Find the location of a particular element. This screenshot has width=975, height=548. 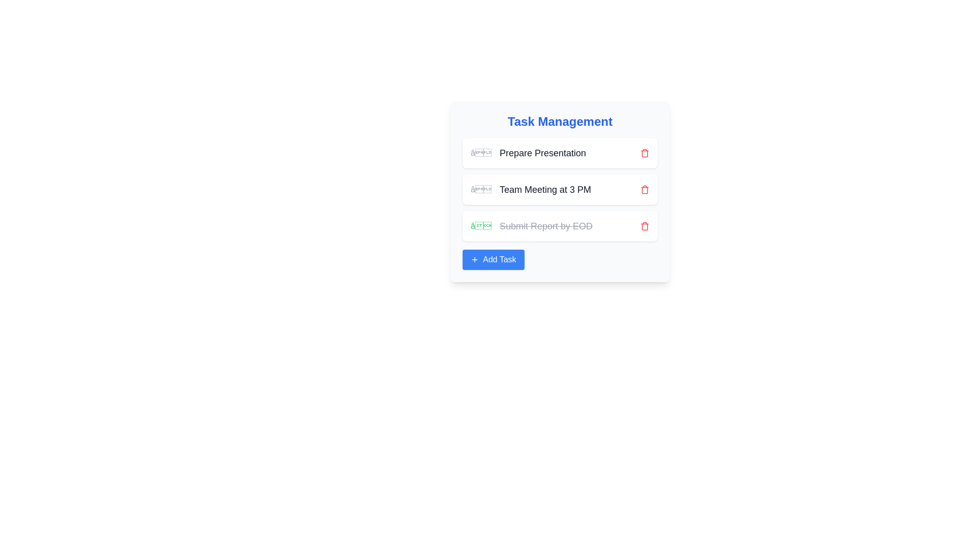

the text label that displays the title of the first task in the management interface, positioned centrally and to the right of the task indicator symbol is located at coordinates (542, 153).